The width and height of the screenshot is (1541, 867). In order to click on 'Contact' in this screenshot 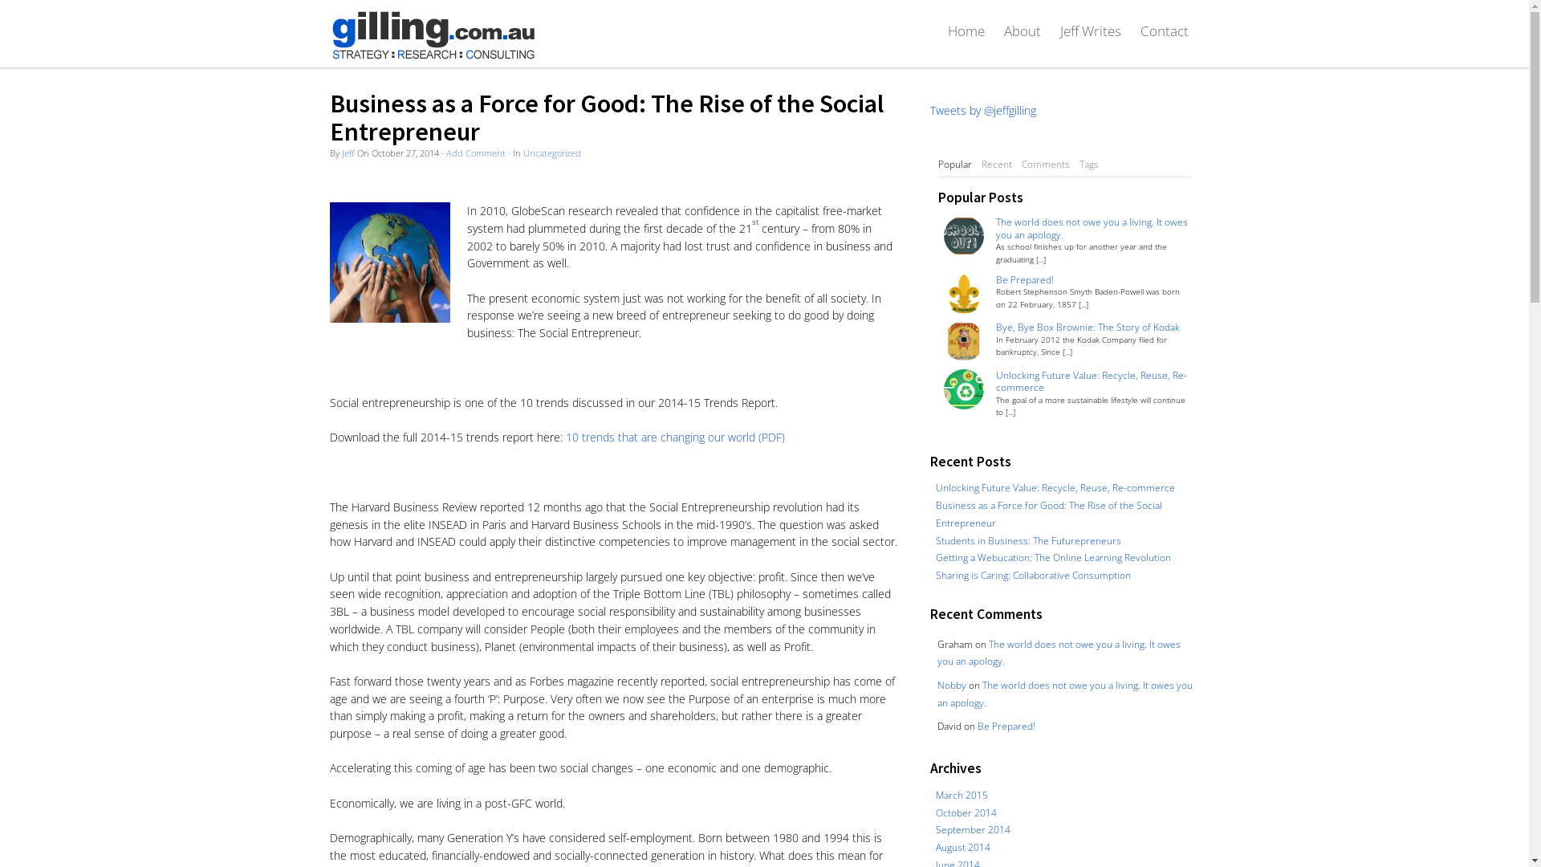, I will do `click(1163, 31)`.